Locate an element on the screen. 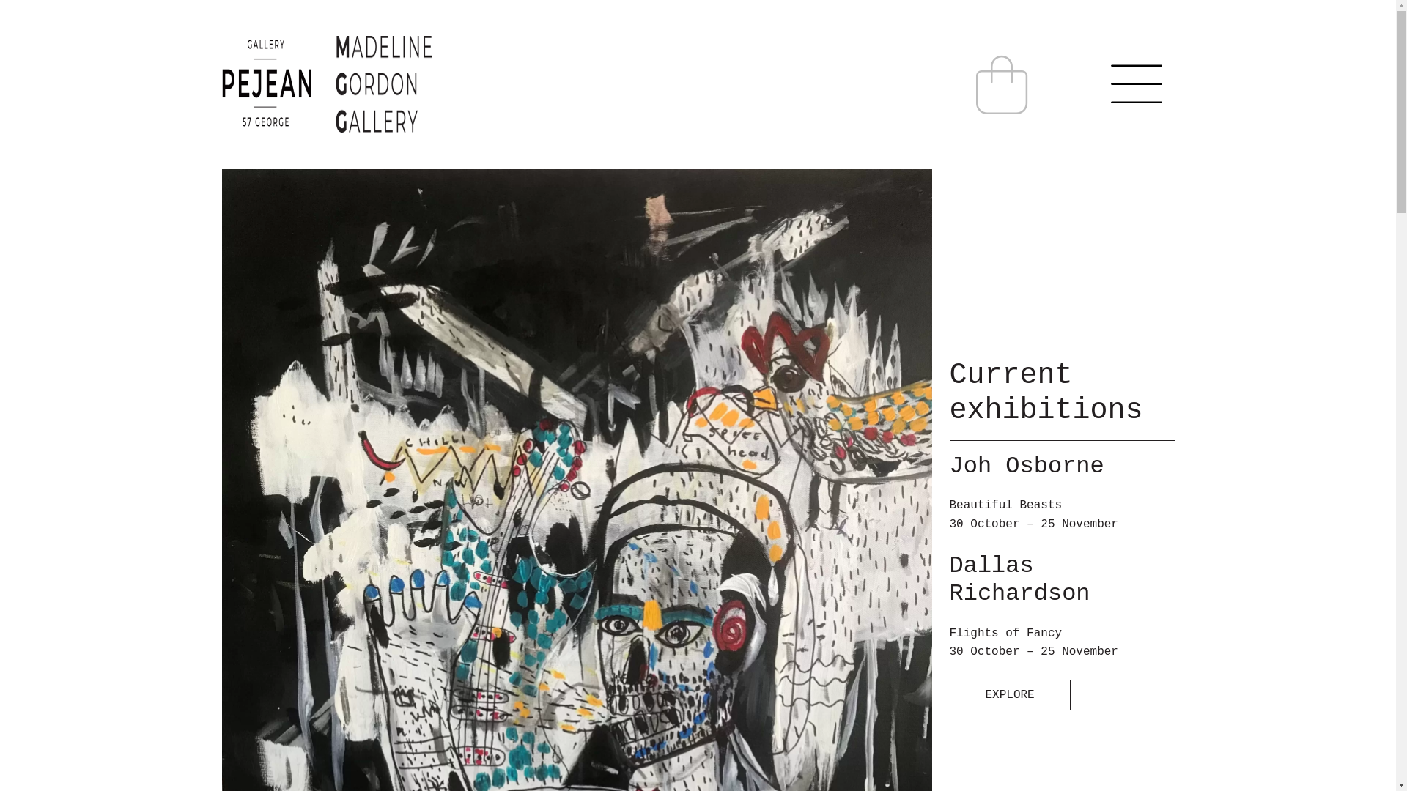 This screenshot has width=1407, height=791. 'EXPLORE' is located at coordinates (1009, 694).